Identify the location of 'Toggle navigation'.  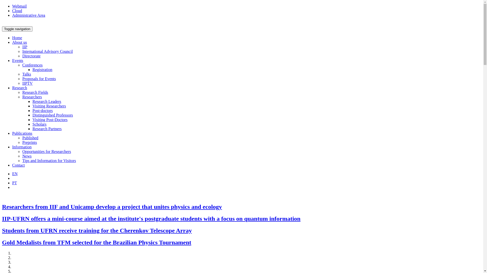
(17, 29).